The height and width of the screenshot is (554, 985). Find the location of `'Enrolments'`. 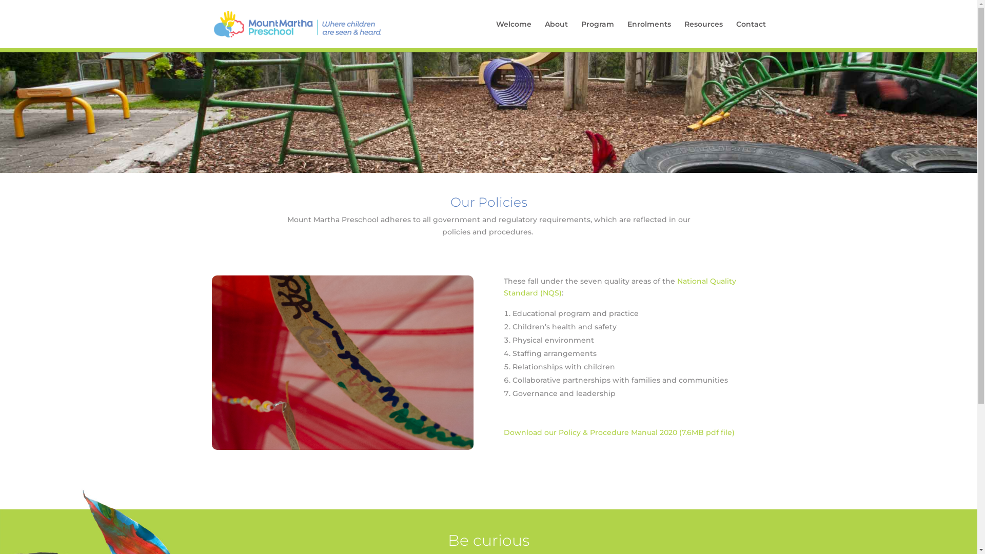

'Enrolments' is located at coordinates (648, 33).